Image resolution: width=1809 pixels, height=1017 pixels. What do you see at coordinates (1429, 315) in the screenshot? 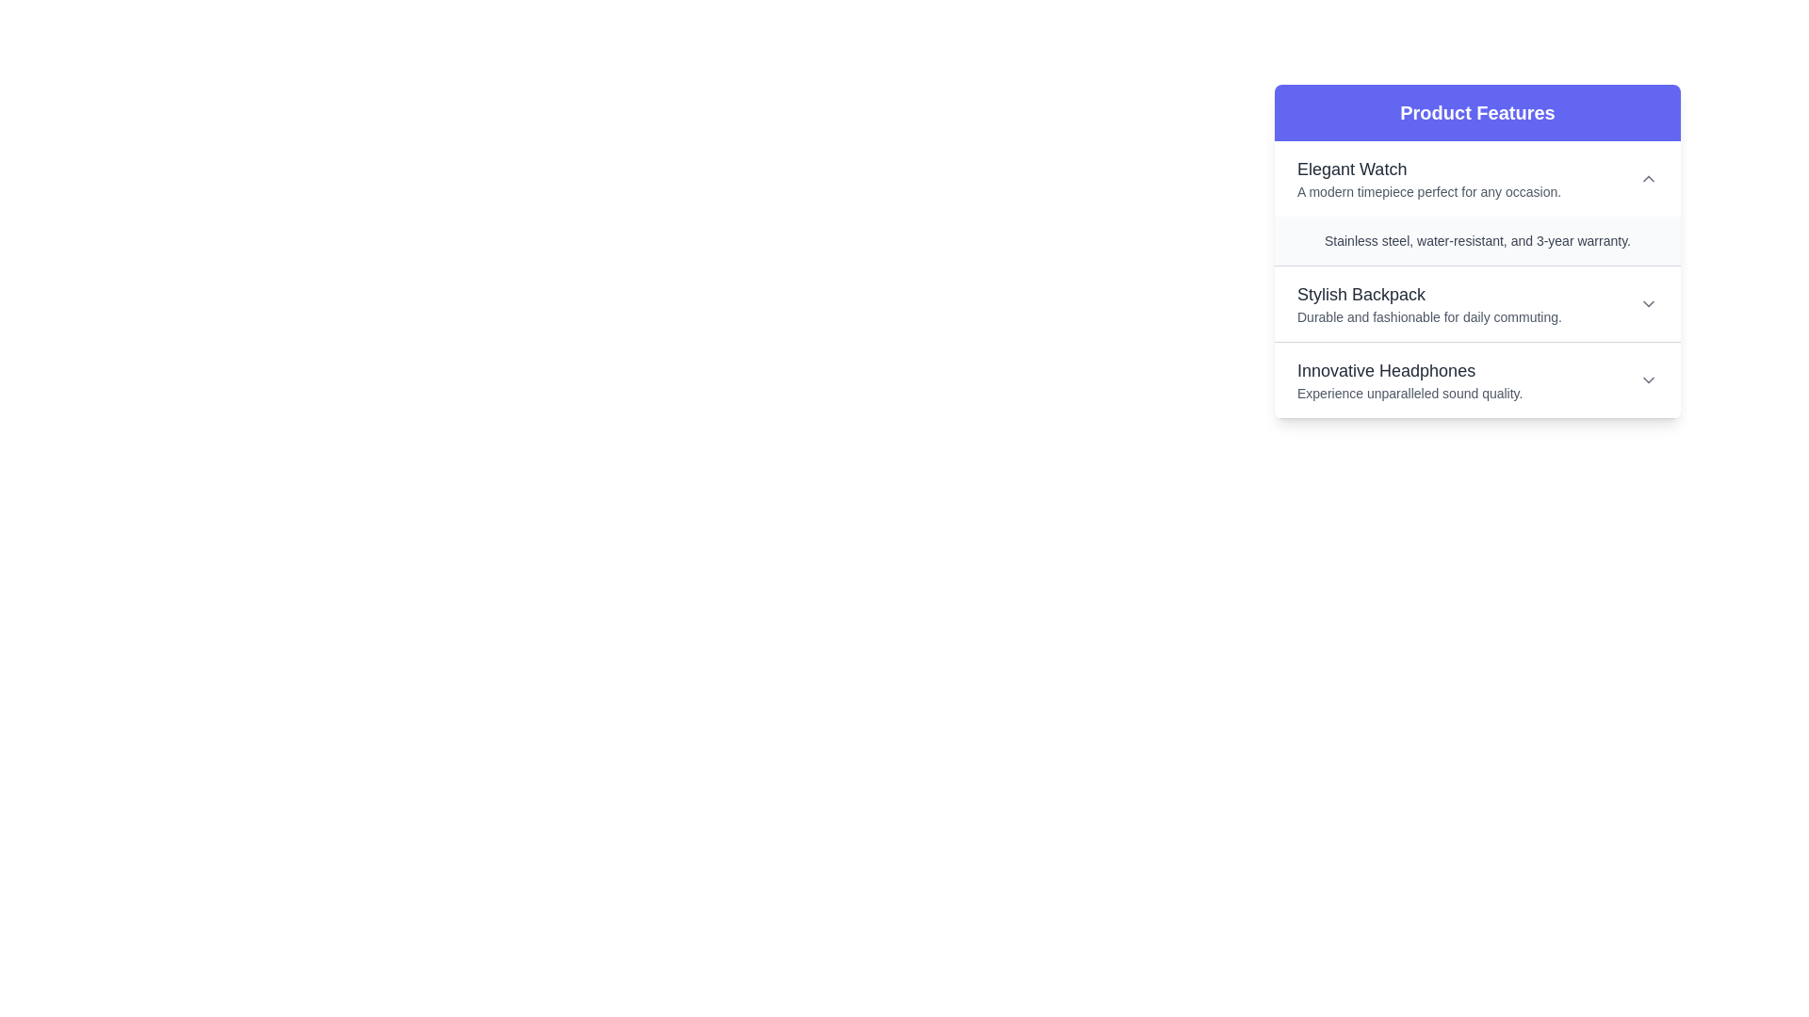
I see `the text label providing details about the 'Stylish Backpack' product feature, located below the title in the 'Product Features' section` at bounding box center [1429, 315].